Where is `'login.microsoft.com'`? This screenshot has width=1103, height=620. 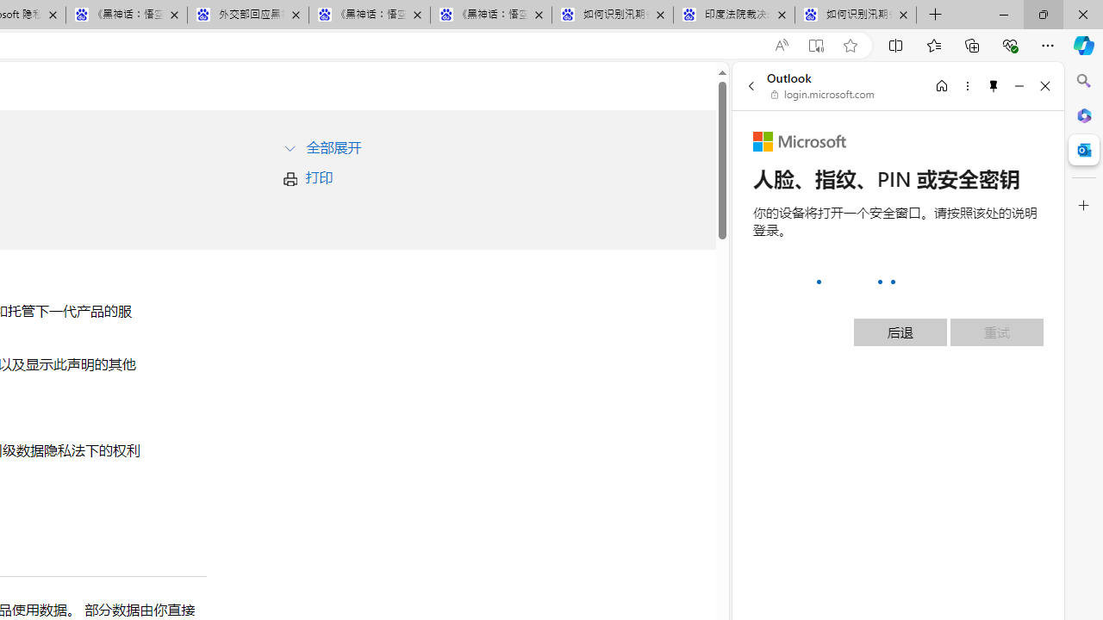 'login.microsoft.com' is located at coordinates (822, 95).